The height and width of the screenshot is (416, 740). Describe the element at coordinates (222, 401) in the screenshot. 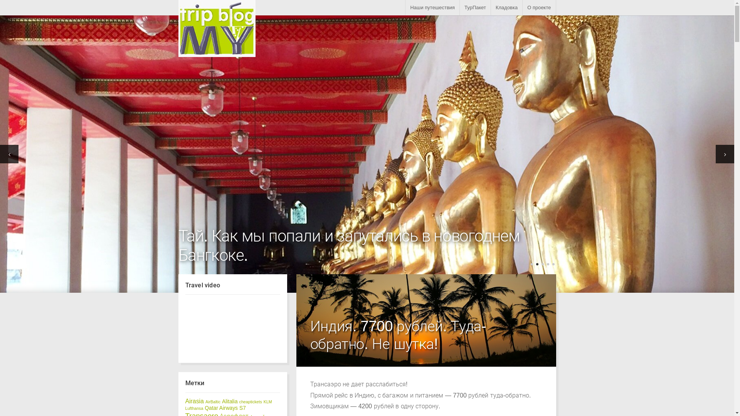

I see `'Alitalia'` at that location.